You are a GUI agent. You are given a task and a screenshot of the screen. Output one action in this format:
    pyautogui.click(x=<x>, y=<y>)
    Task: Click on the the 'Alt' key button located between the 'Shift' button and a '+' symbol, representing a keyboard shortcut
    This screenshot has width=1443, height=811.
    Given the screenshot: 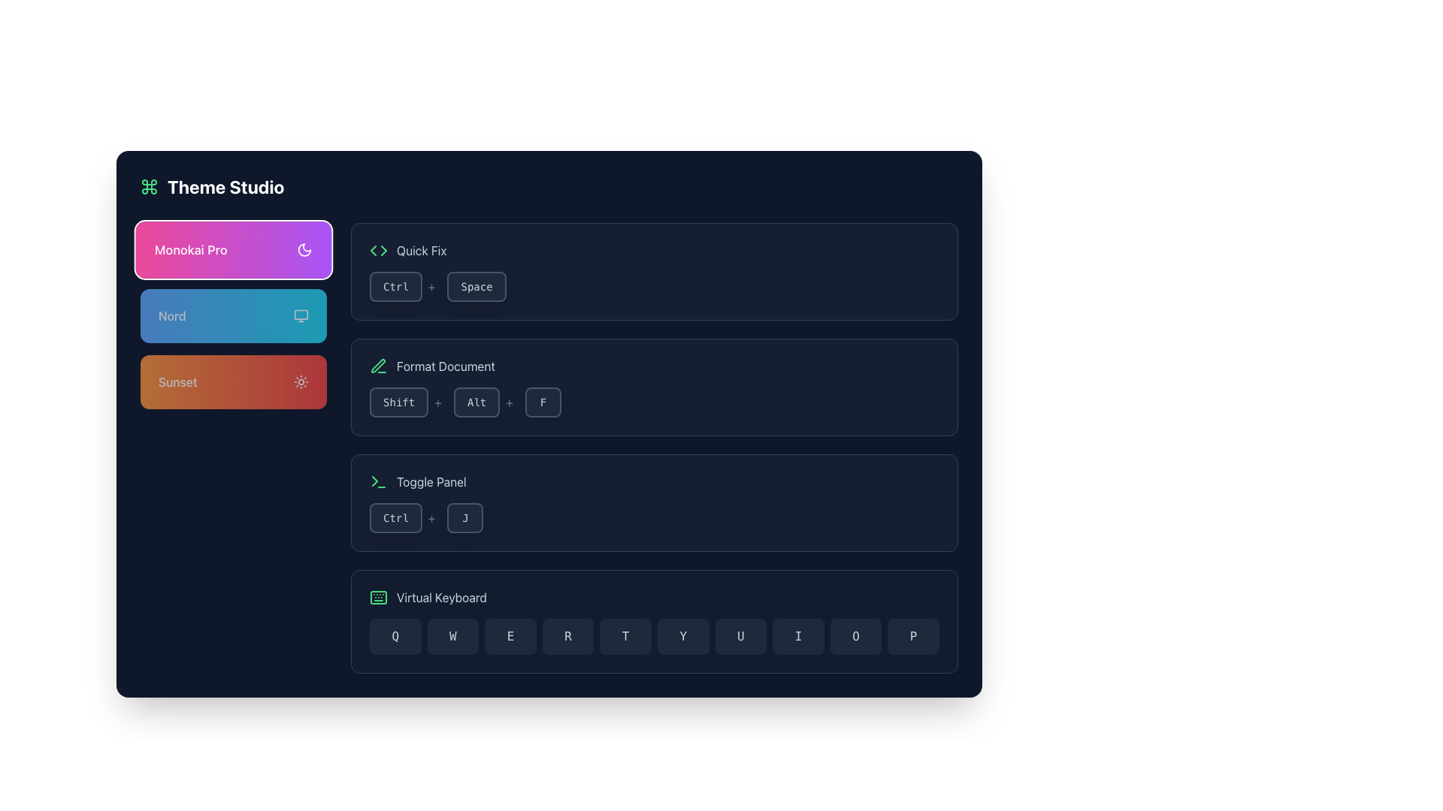 What is the action you would take?
    pyautogui.click(x=476, y=402)
    